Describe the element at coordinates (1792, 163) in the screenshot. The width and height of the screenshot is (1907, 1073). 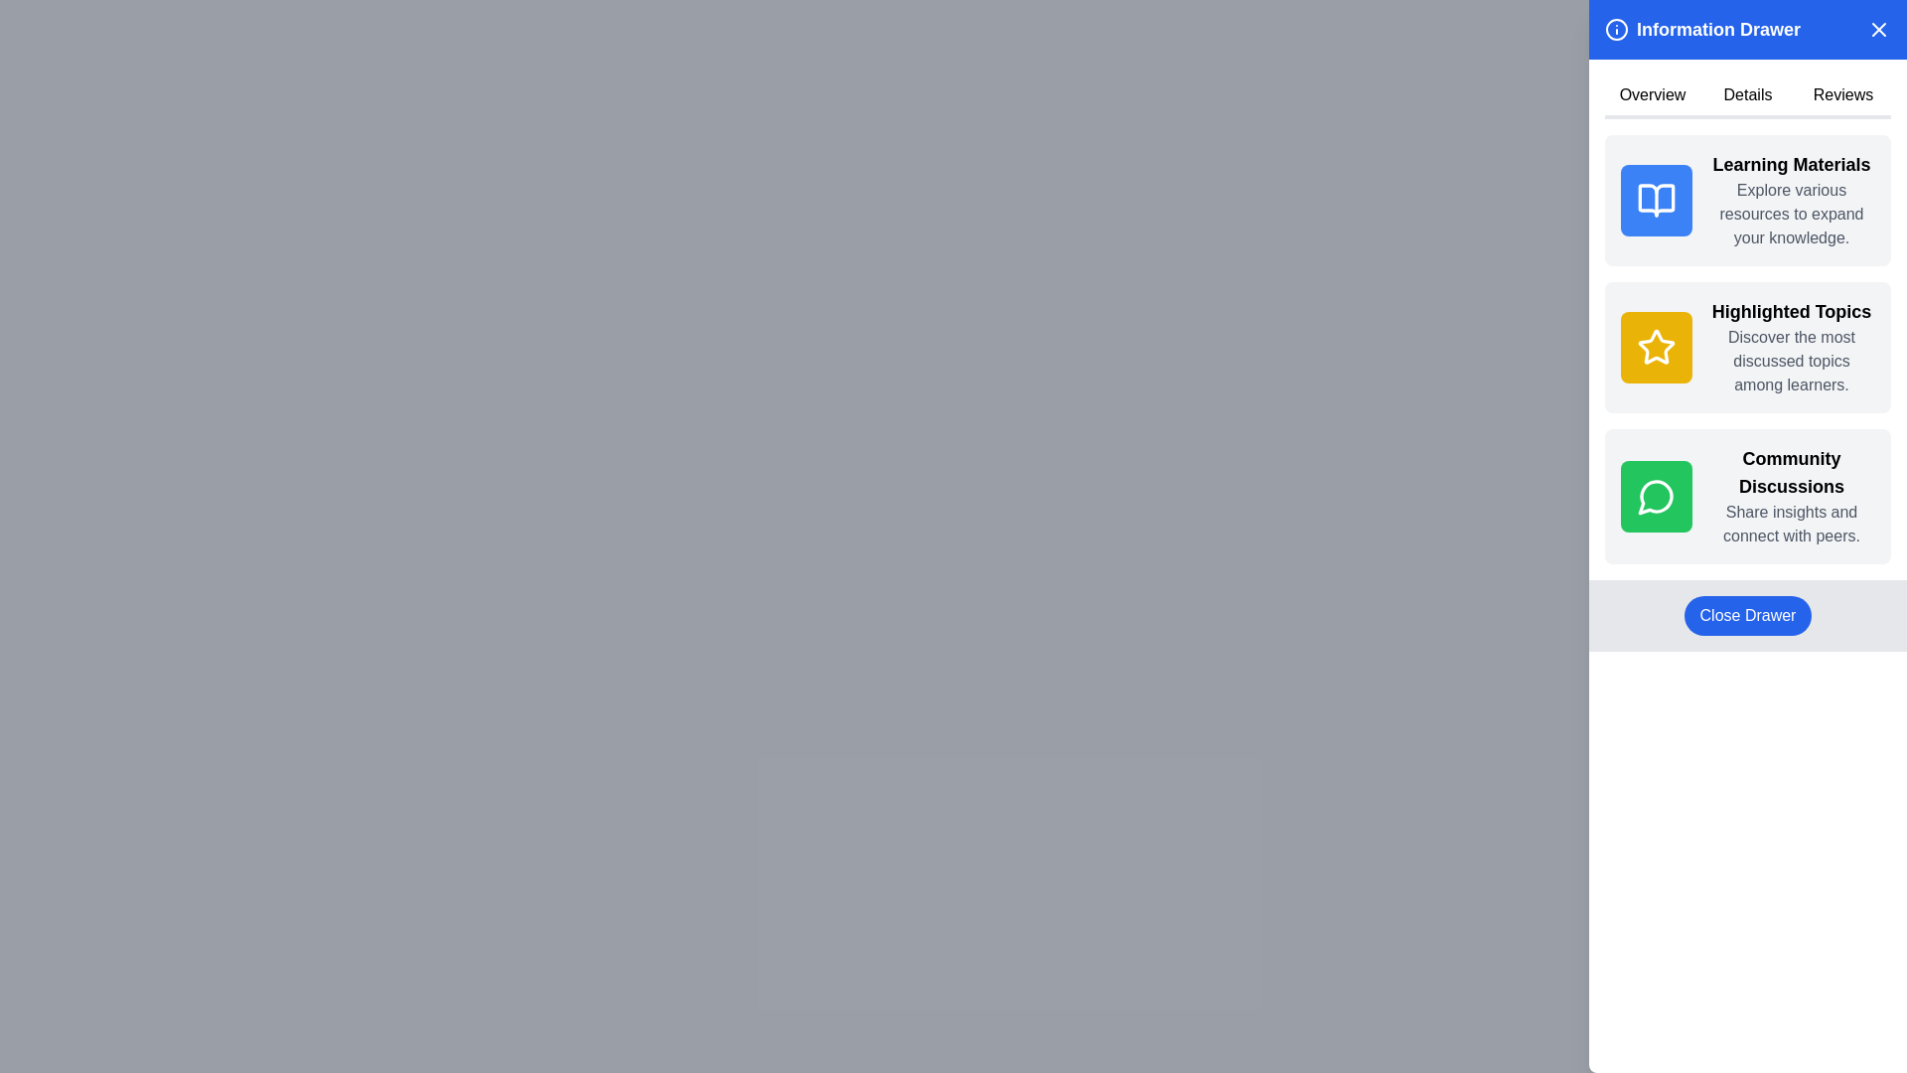
I see `text from the header title in the 'Information Drawer' section, which labels the content about learning resources` at that location.